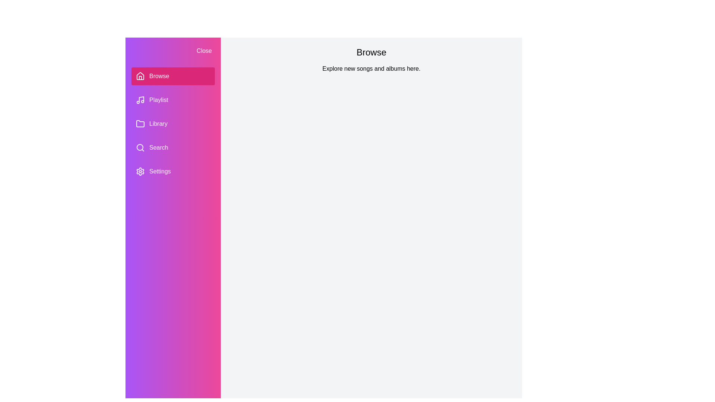  I want to click on the header text to interact with it, so click(371, 52).